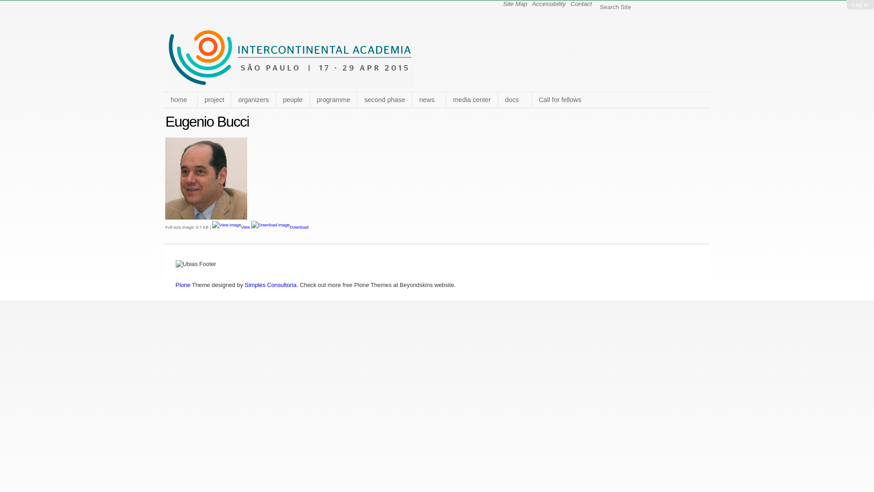  What do you see at coordinates (531, 100) in the screenshot?
I see `'Call for fellows'` at bounding box center [531, 100].